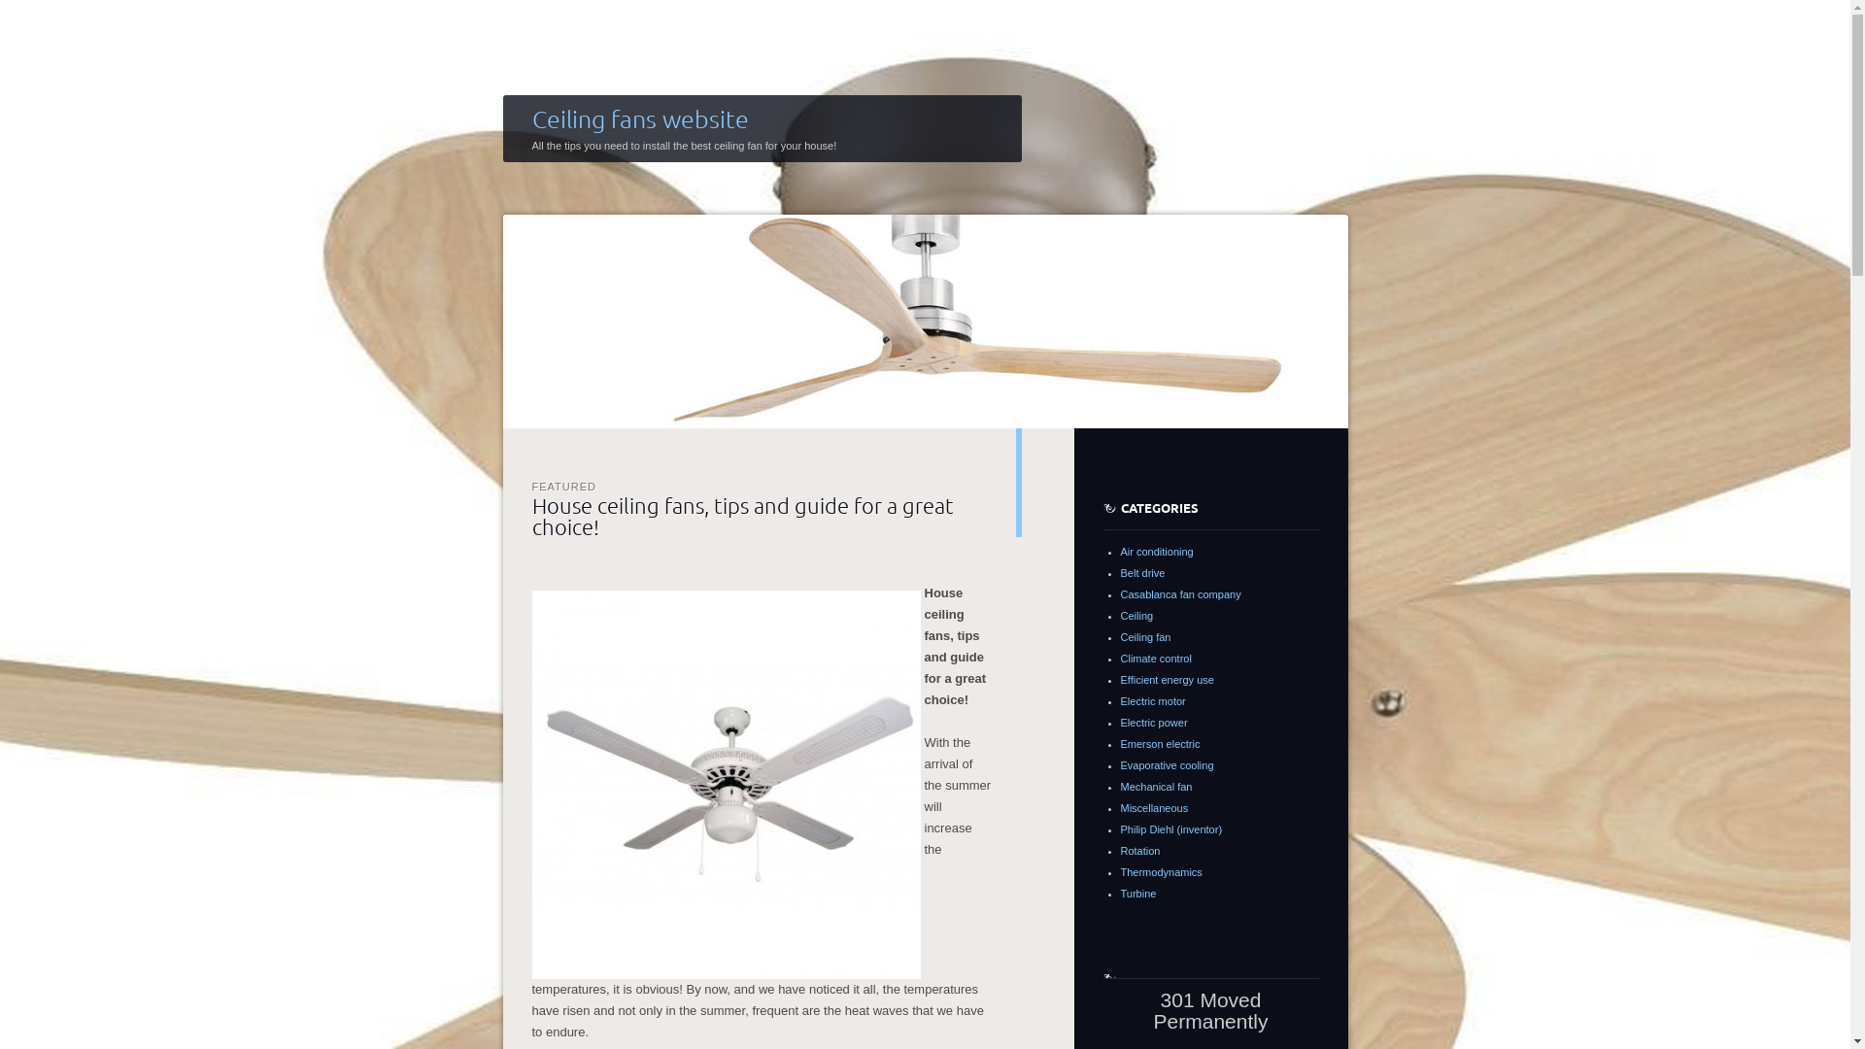 The width and height of the screenshot is (1865, 1049). I want to click on 'Rotation', so click(1120, 849).